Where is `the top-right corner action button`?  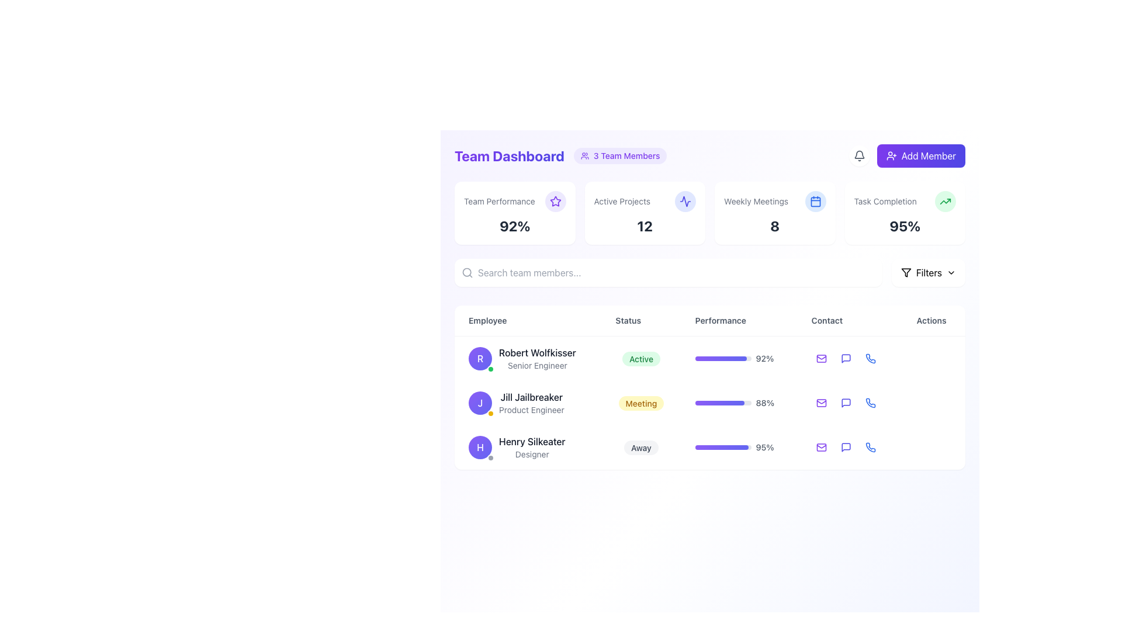
the top-right corner action button is located at coordinates (920, 155).